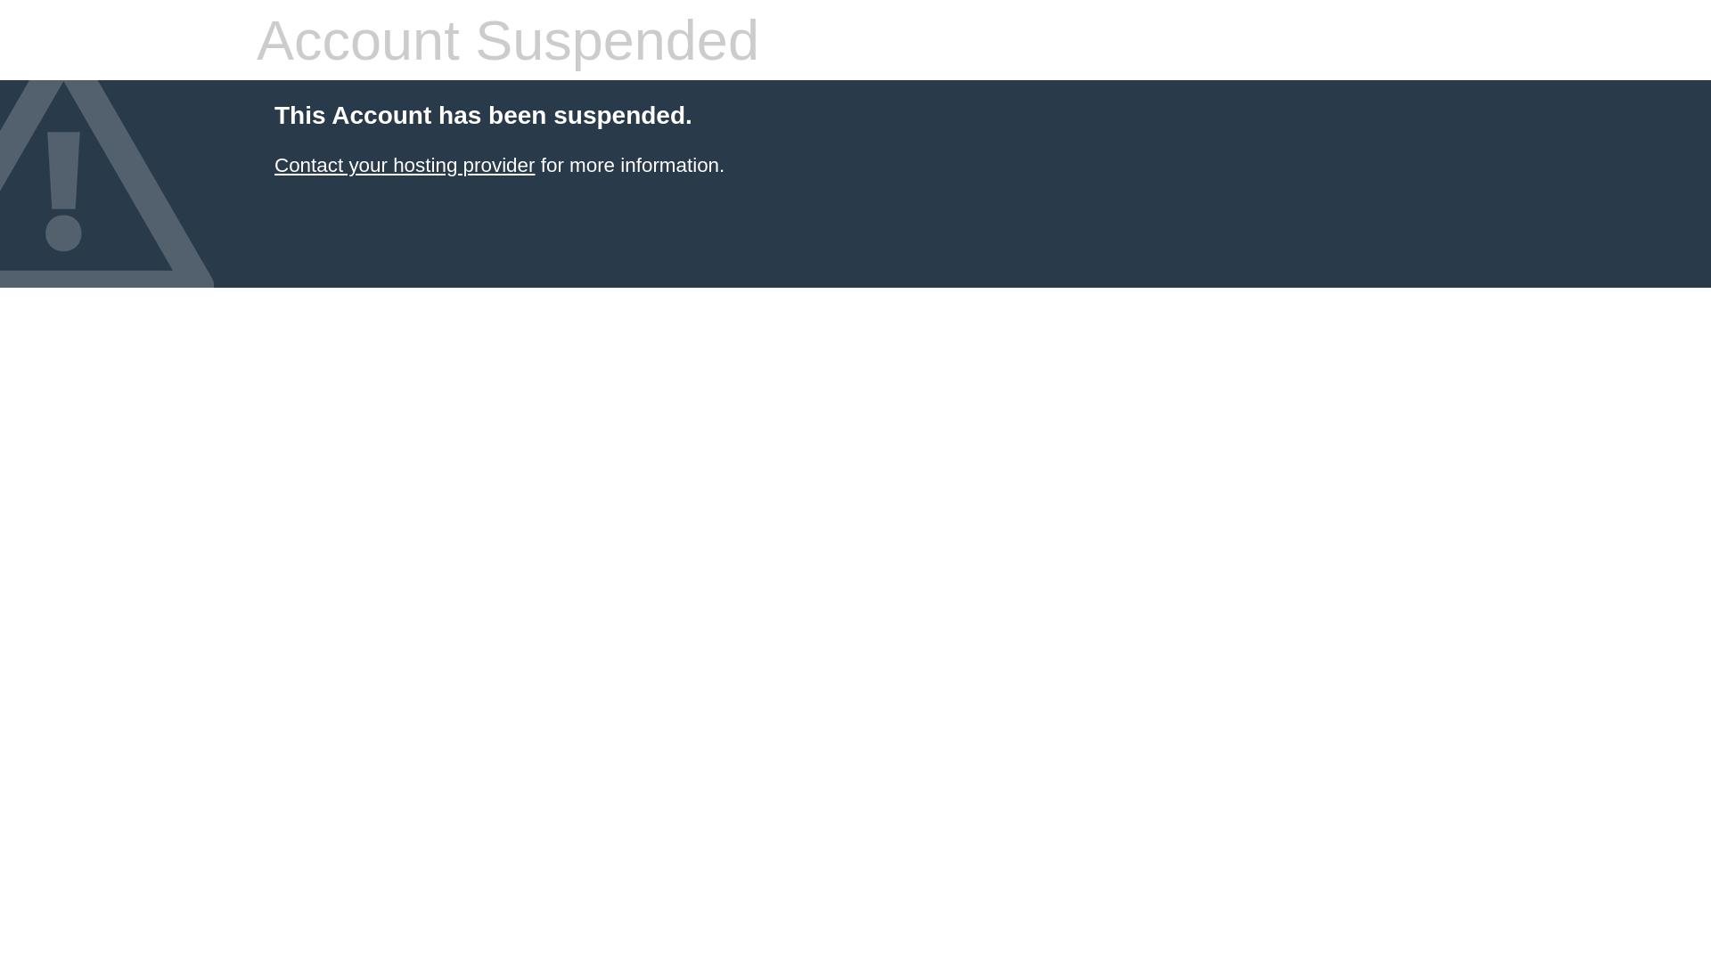 The image size is (1711, 962). Describe the element at coordinates (404, 165) in the screenshot. I see `'Contact your hosting provider'` at that location.